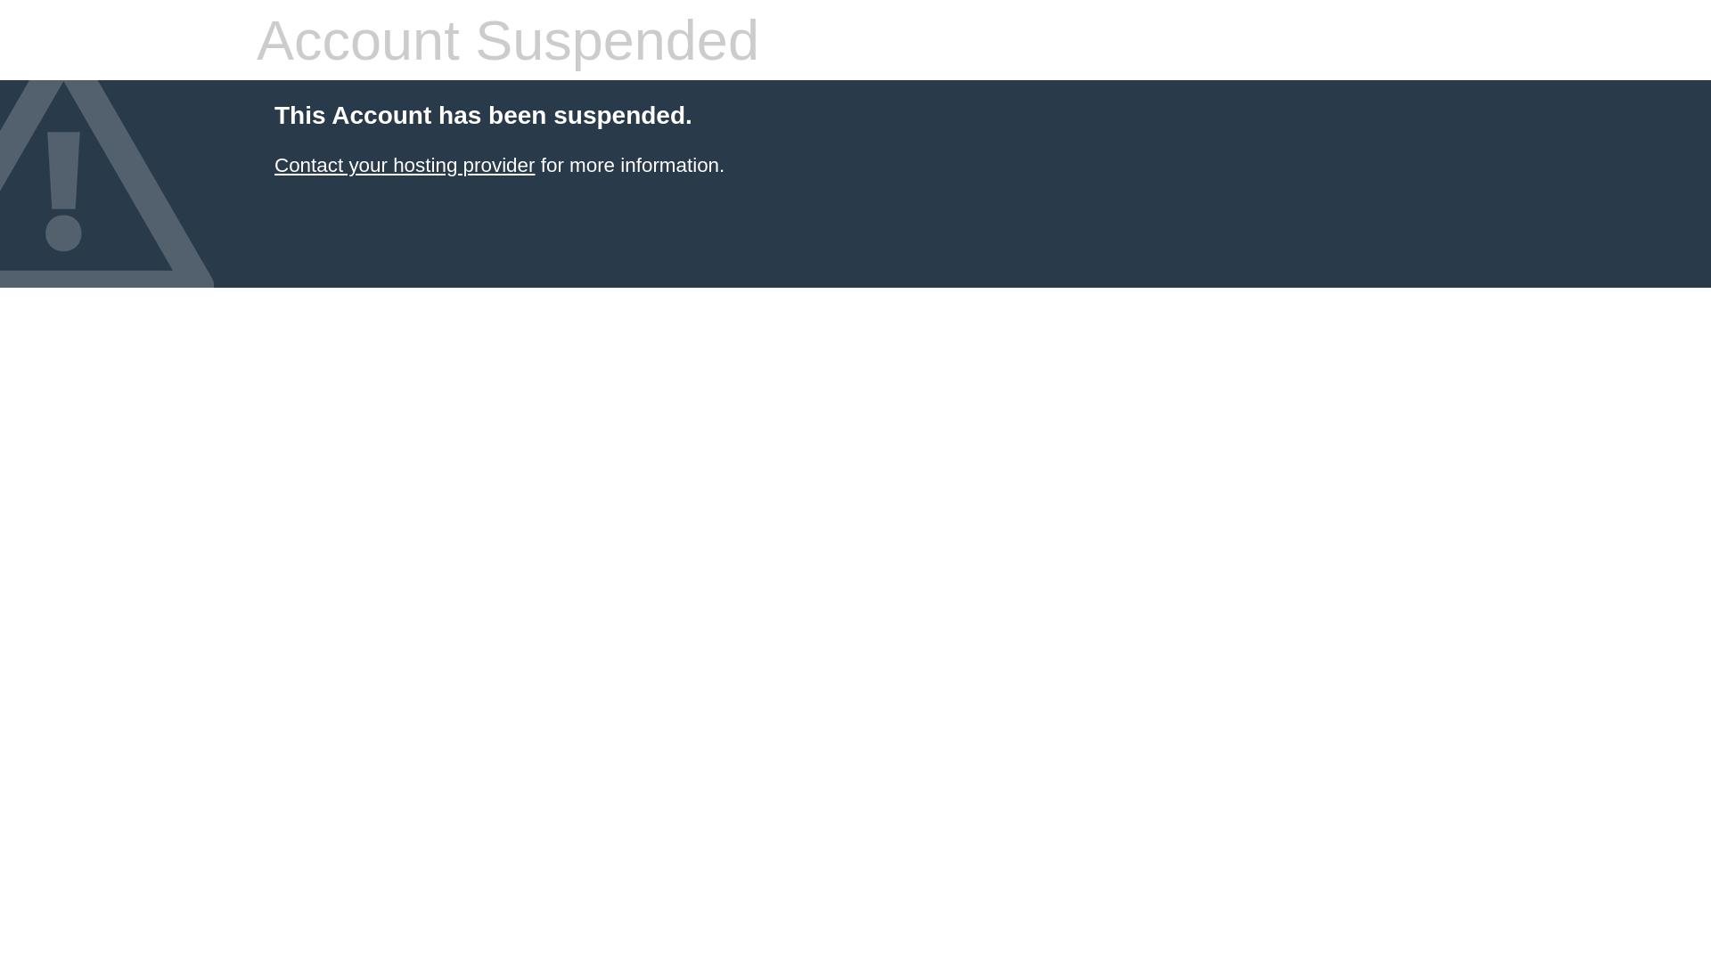 The image size is (1711, 962). Describe the element at coordinates (404, 165) in the screenshot. I see `'Contact your hosting provider'` at that location.